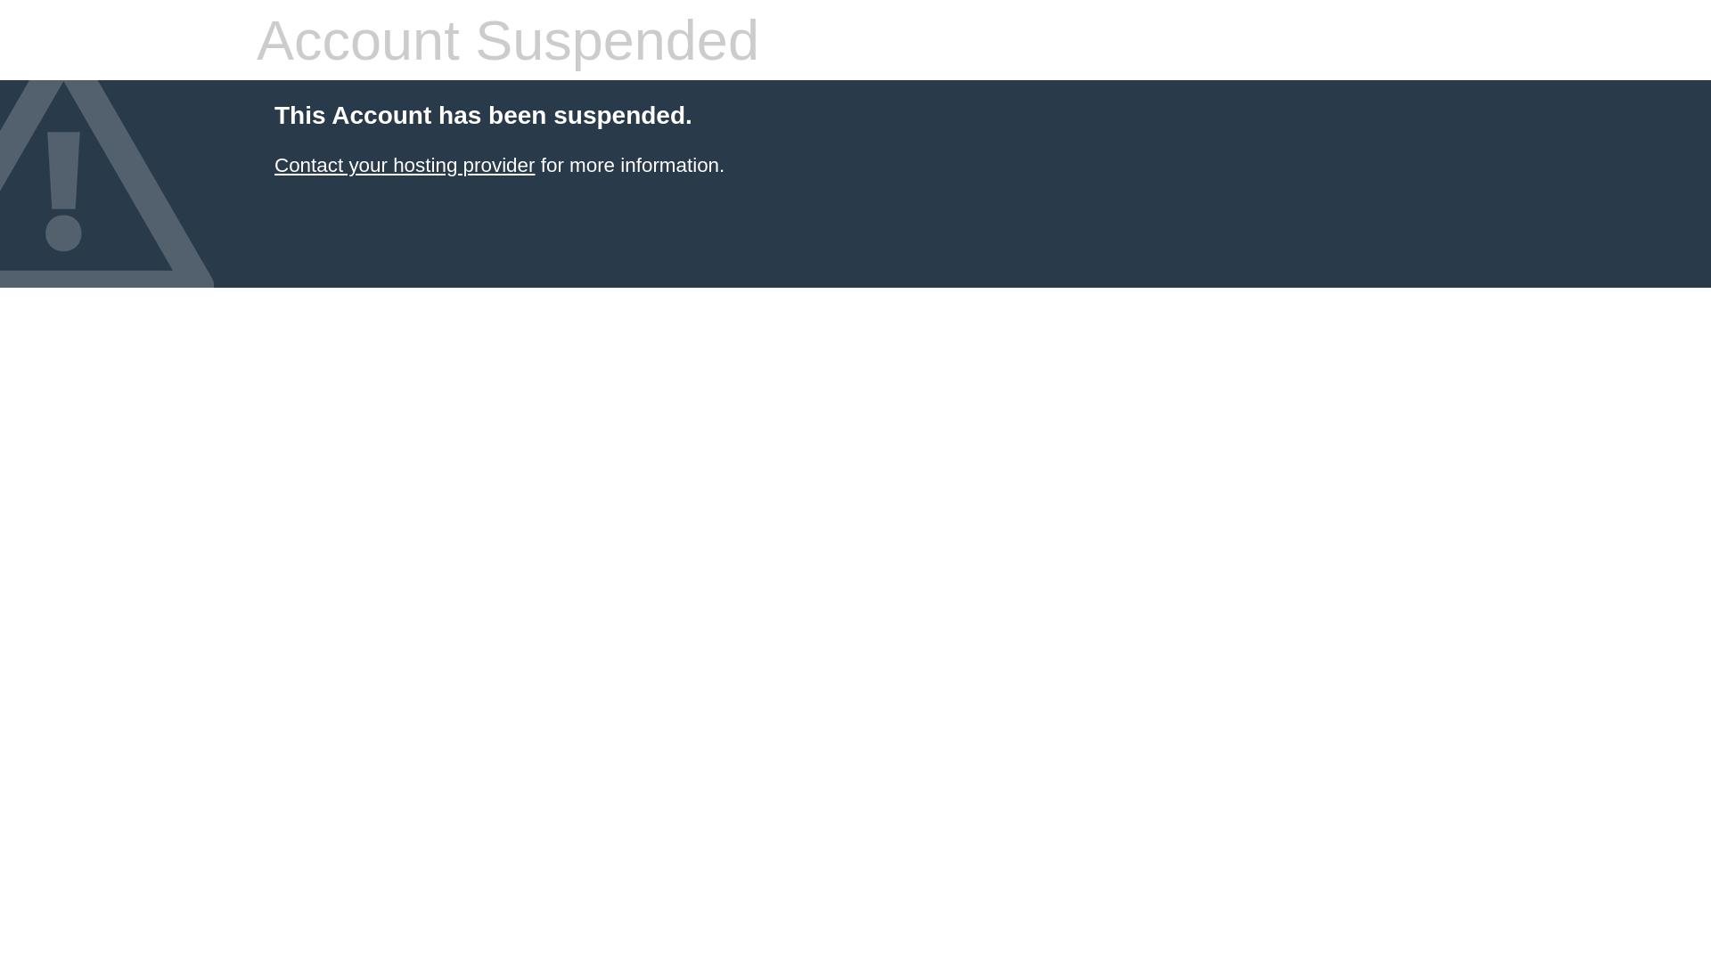 The image size is (1711, 962). Describe the element at coordinates (404, 165) in the screenshot. I see `'Contact your hosting provider'` at that location.